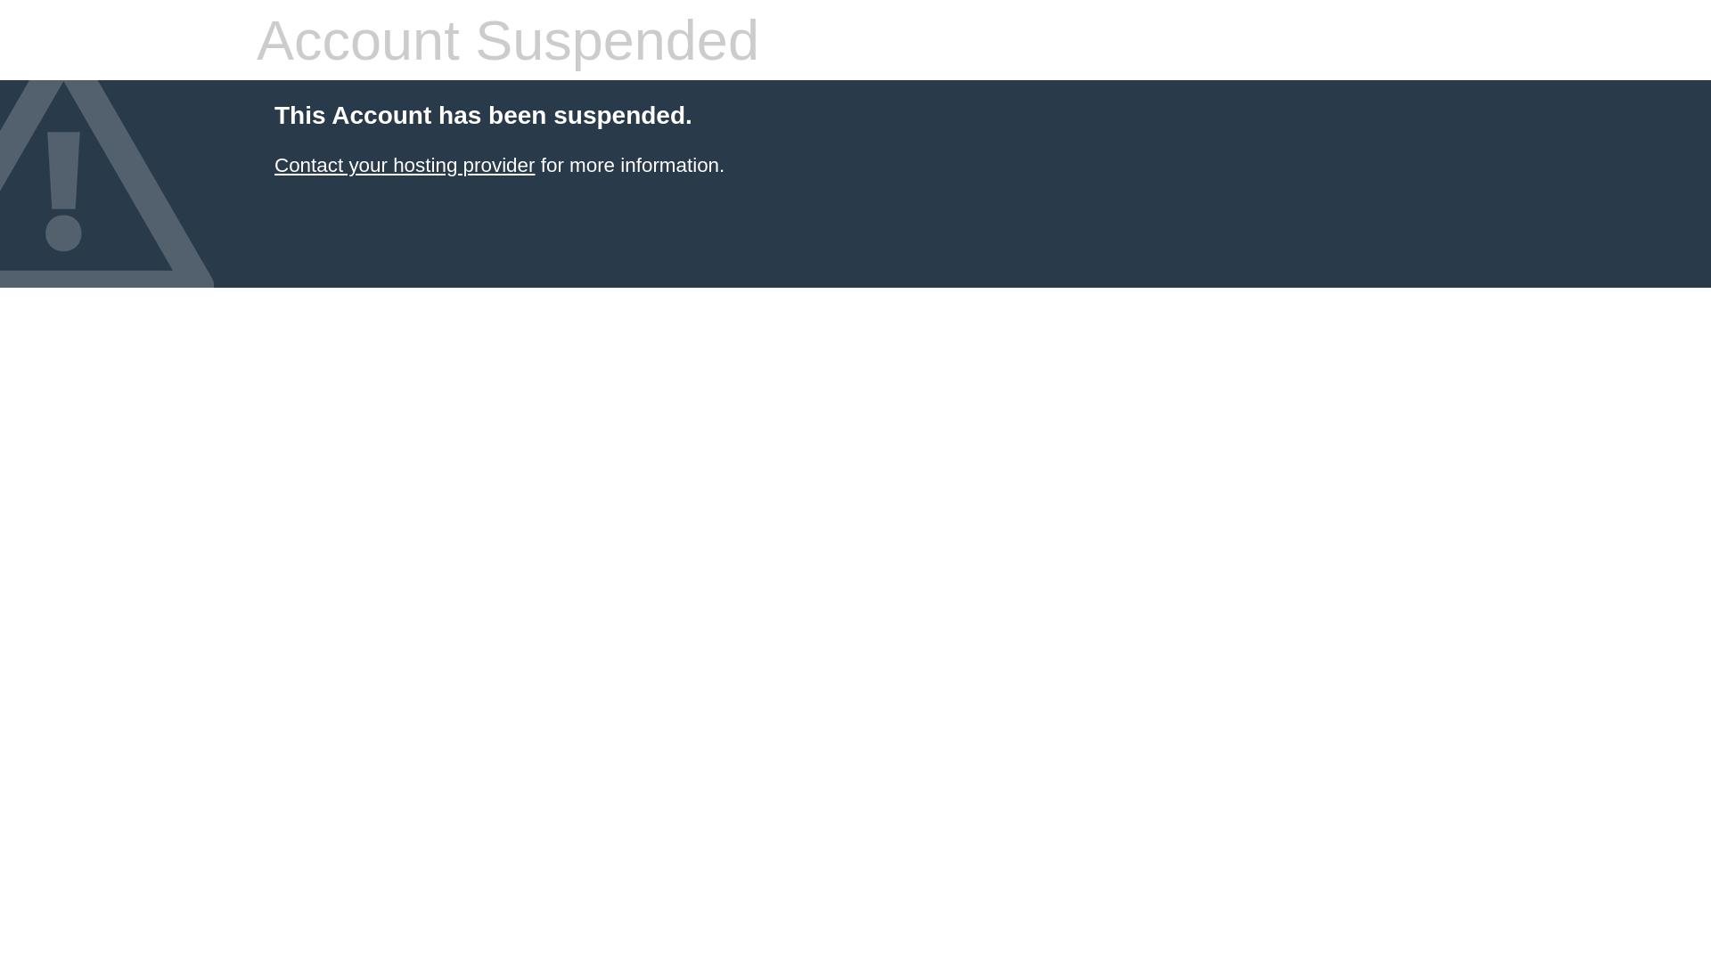 The image size is (1711, 962). Describe the element at coordinates (404, 165) in the screenshot. I see `'Contact your hosting provider'` at that location.